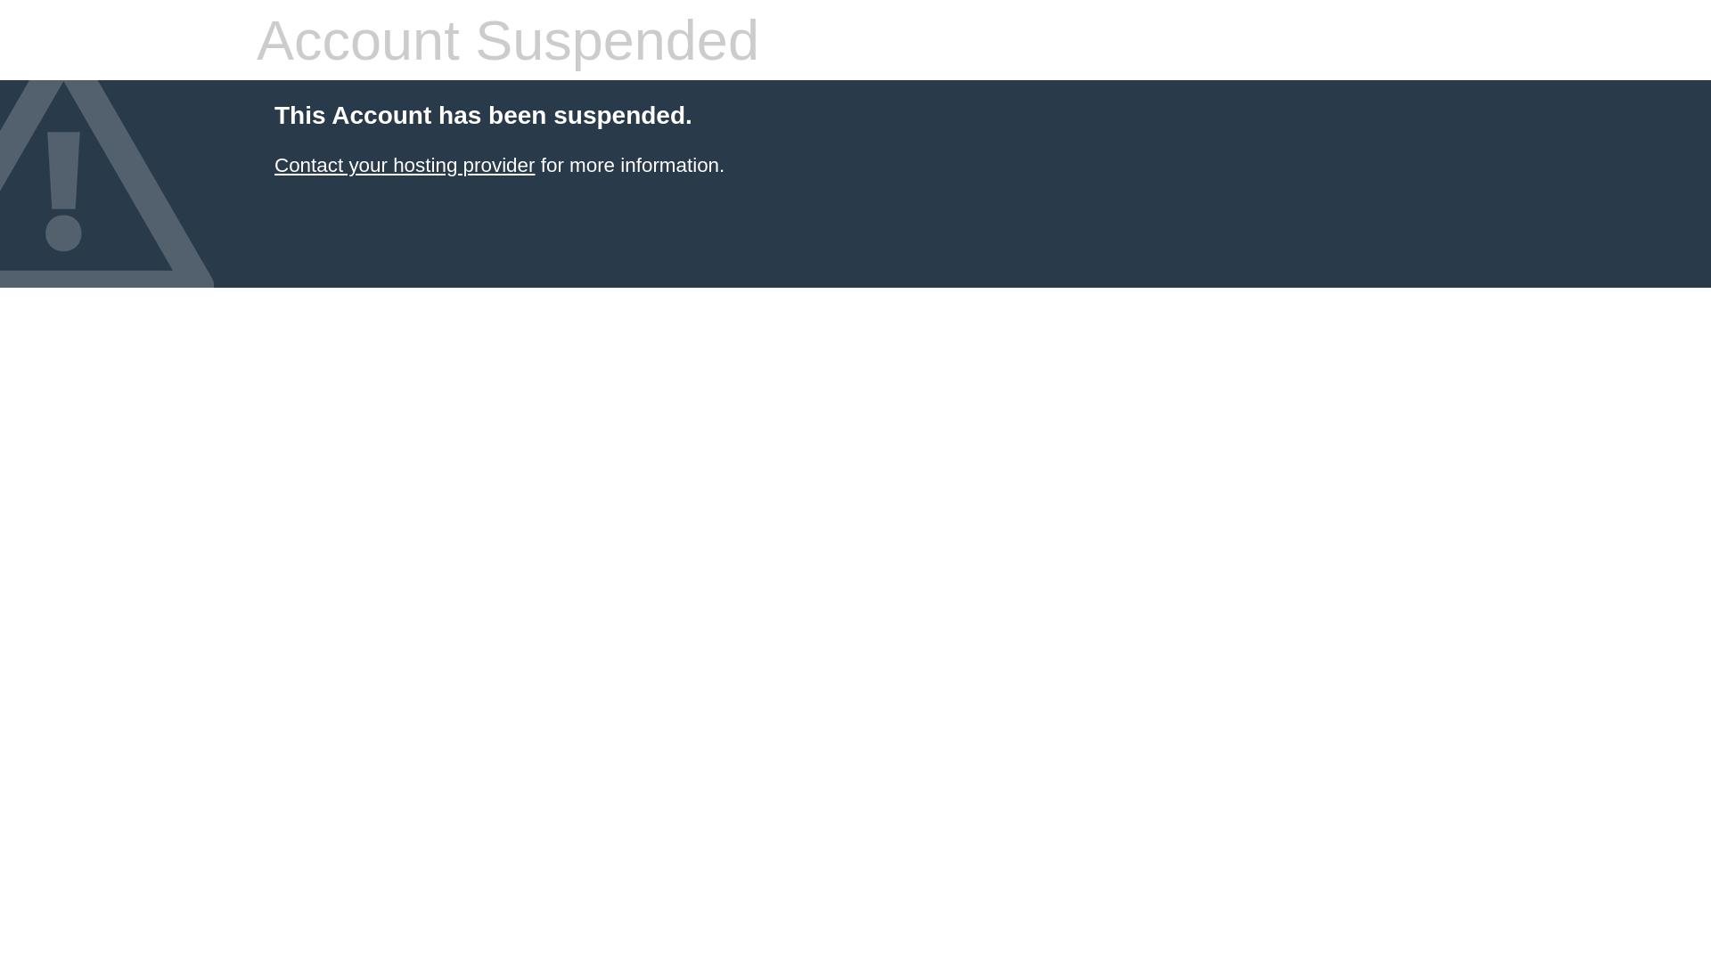 The image size is (1711, 962). Describe the element at coordinates (404, 165) in the screenshot. I see `'Contact your hosting provider'` at that location.